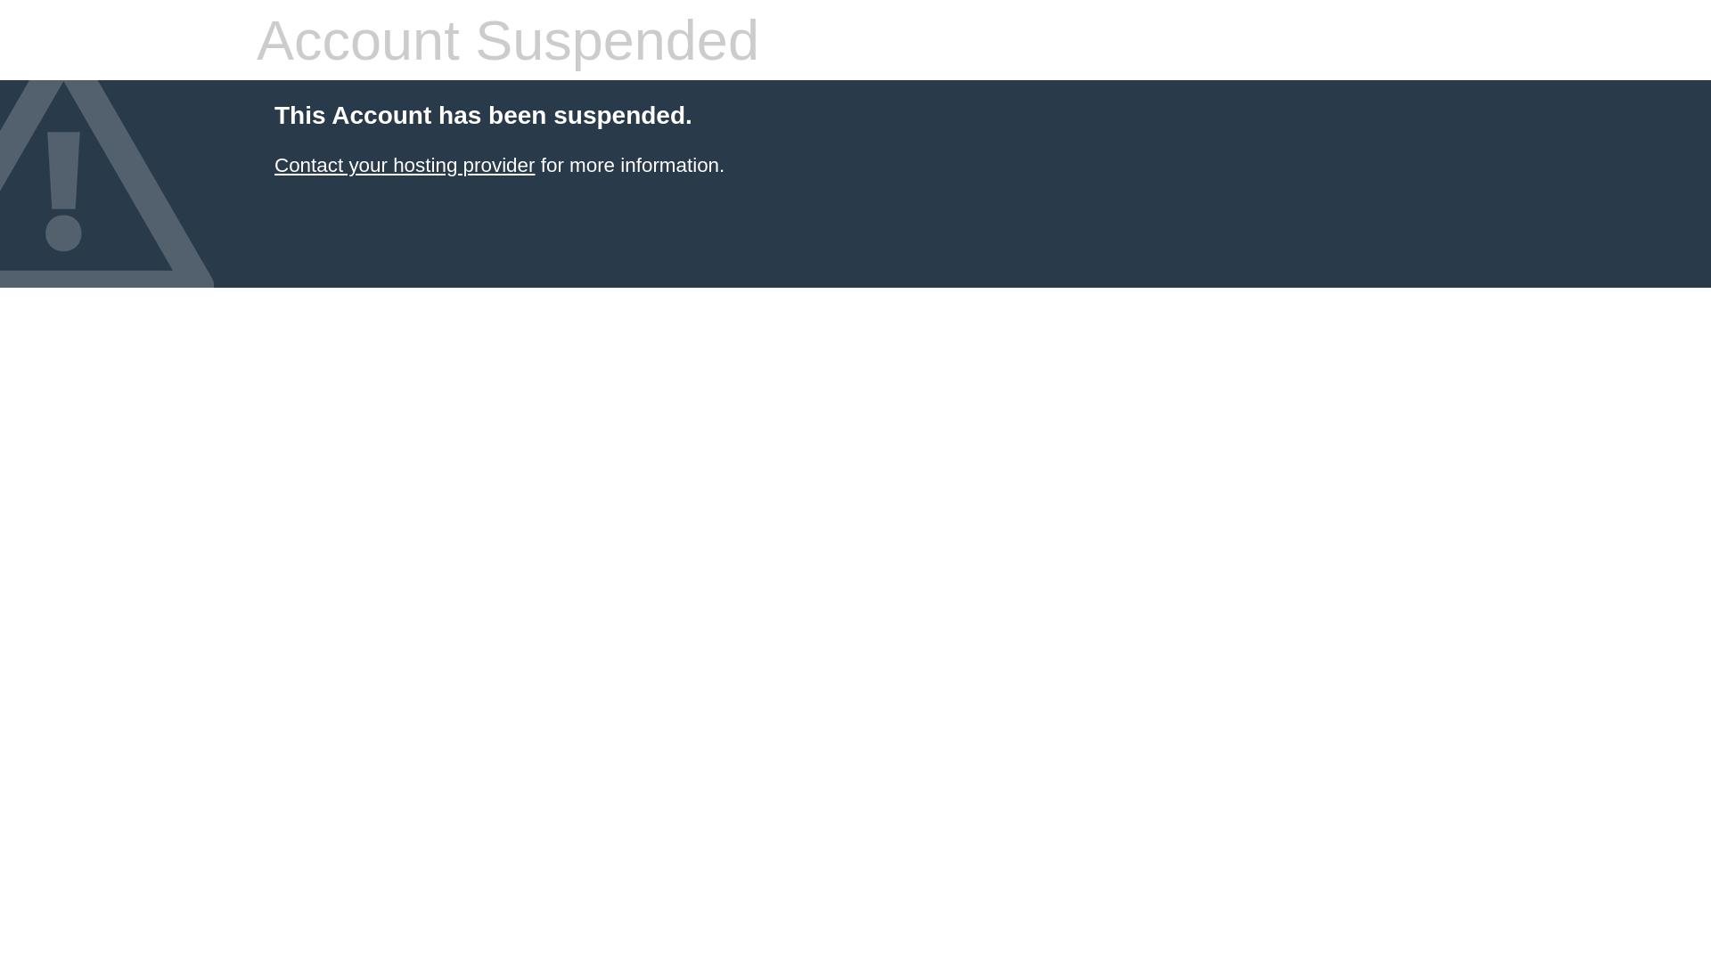 The image size is (1711, 962). Describe the element at coordinates (404, 165) in the screenshot. I see `'Contact your hosting provider'` at that location.